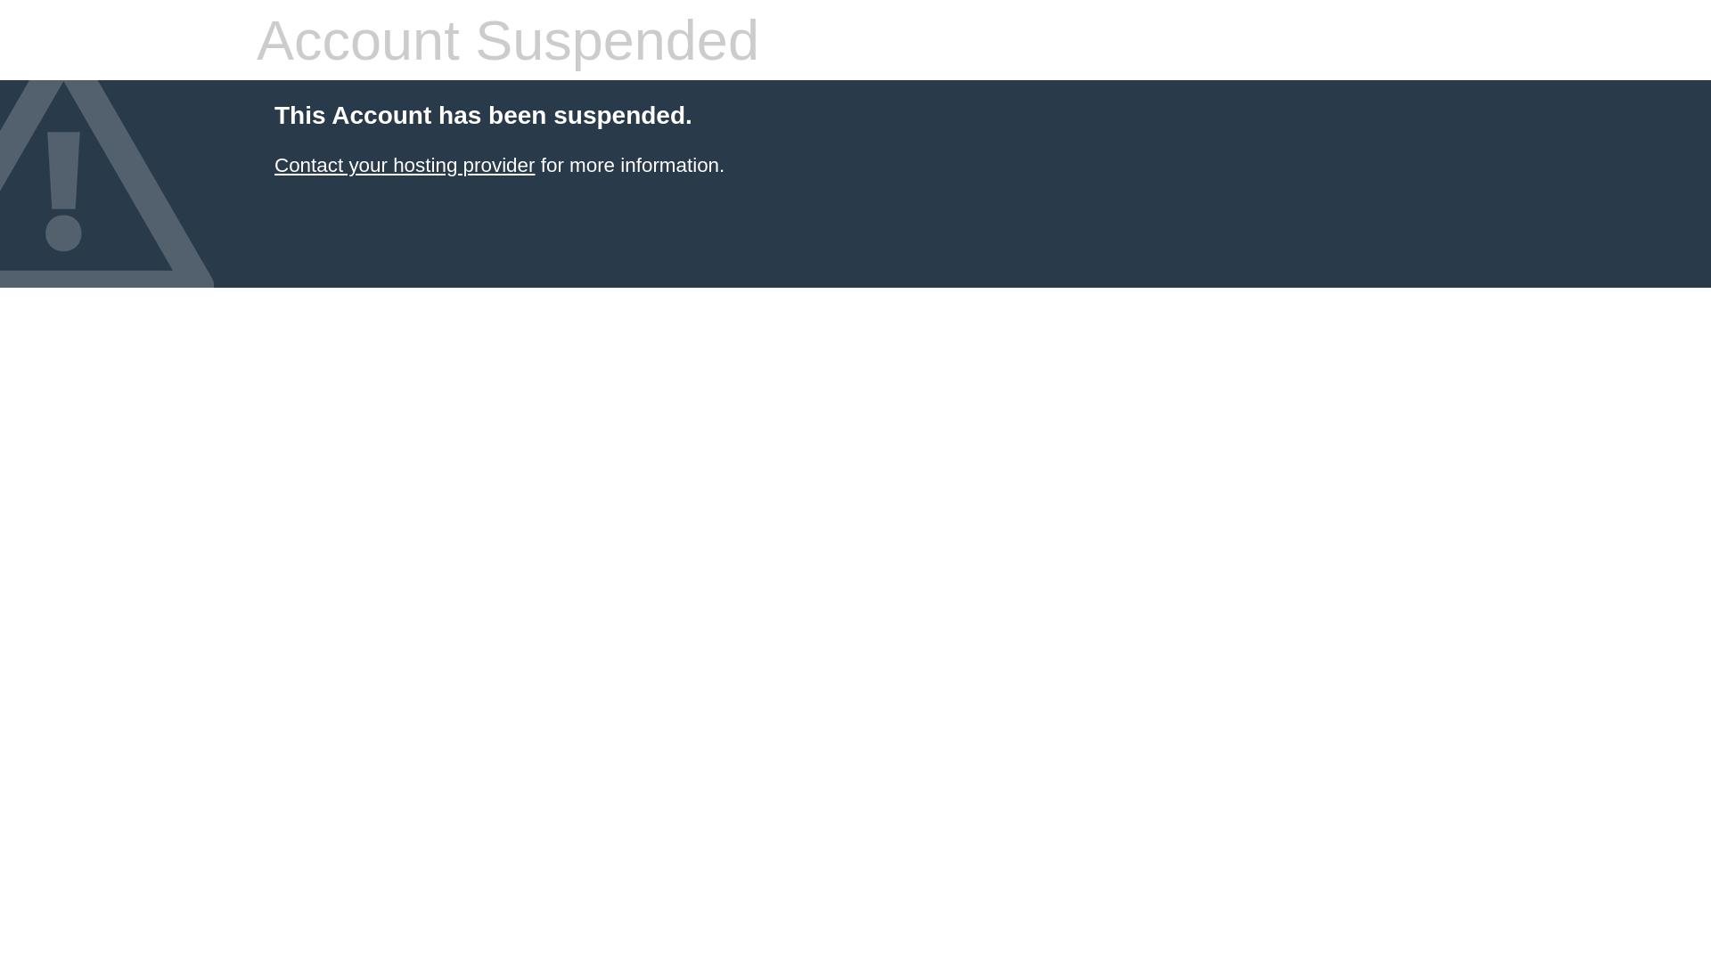 The image size is (1711, 962). Describe the element at coordinates (404, 165) in the screenshot. I see `'Contact your hosting provider'` at that location.